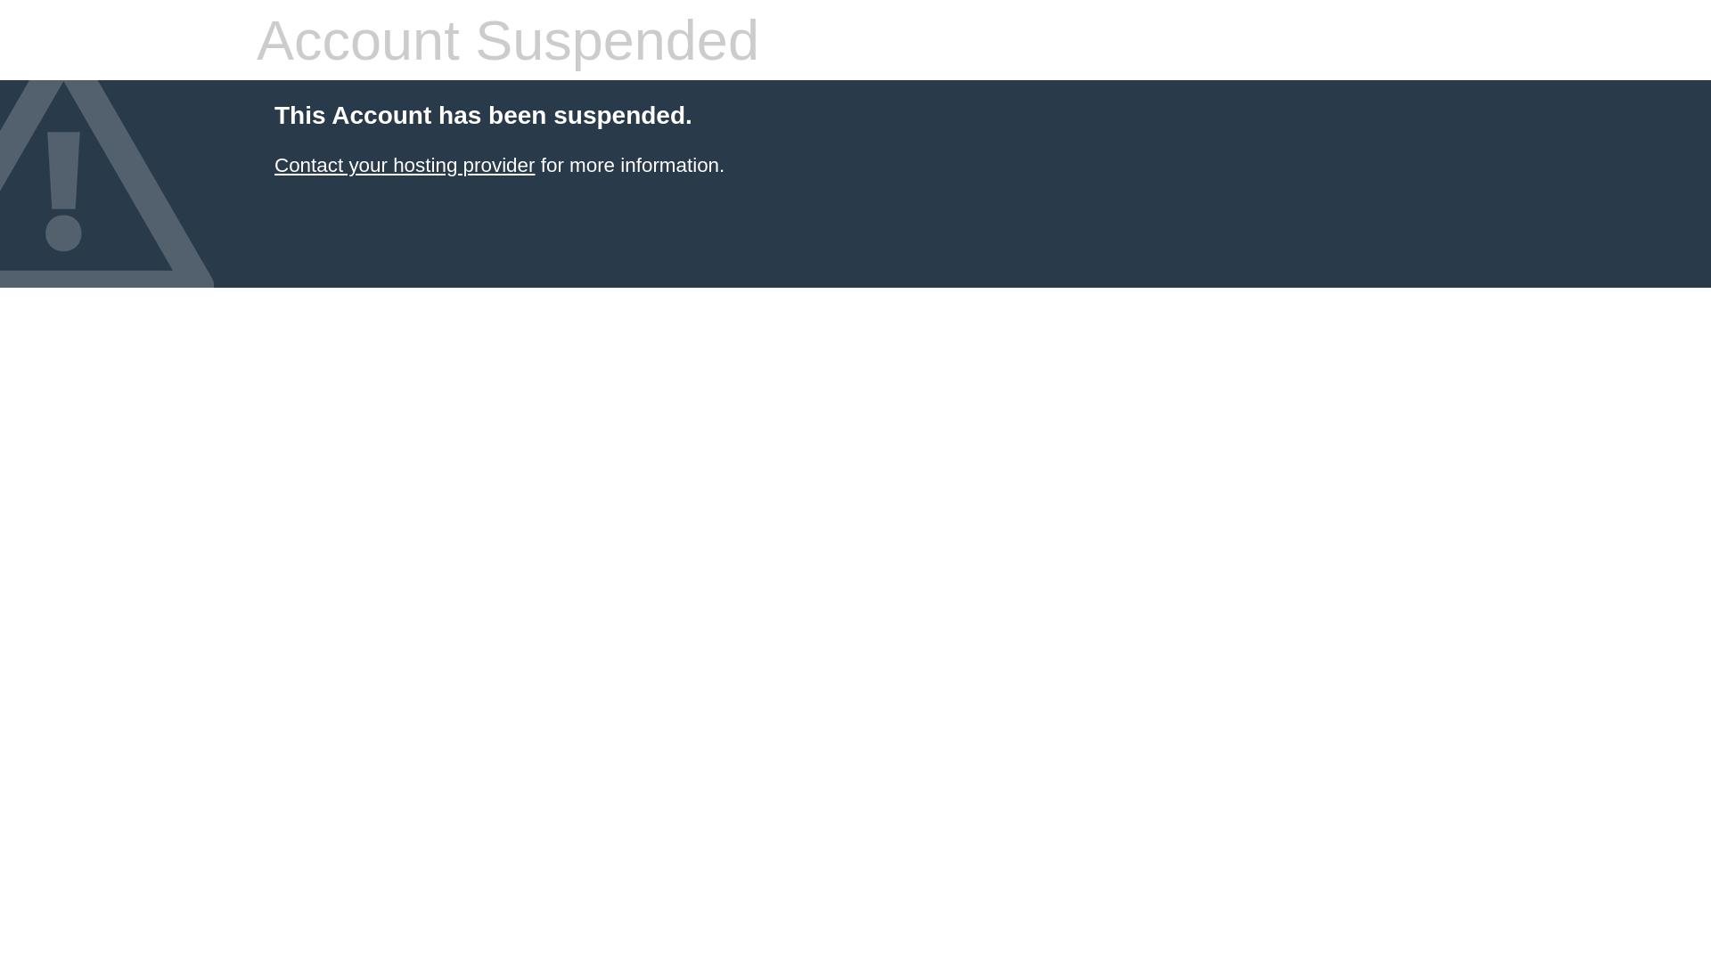 The image size is (1711, 962). Describe the element at coordinates (404, 165) in the screenshot. I see `'Contact your hosting provider'` at that location.